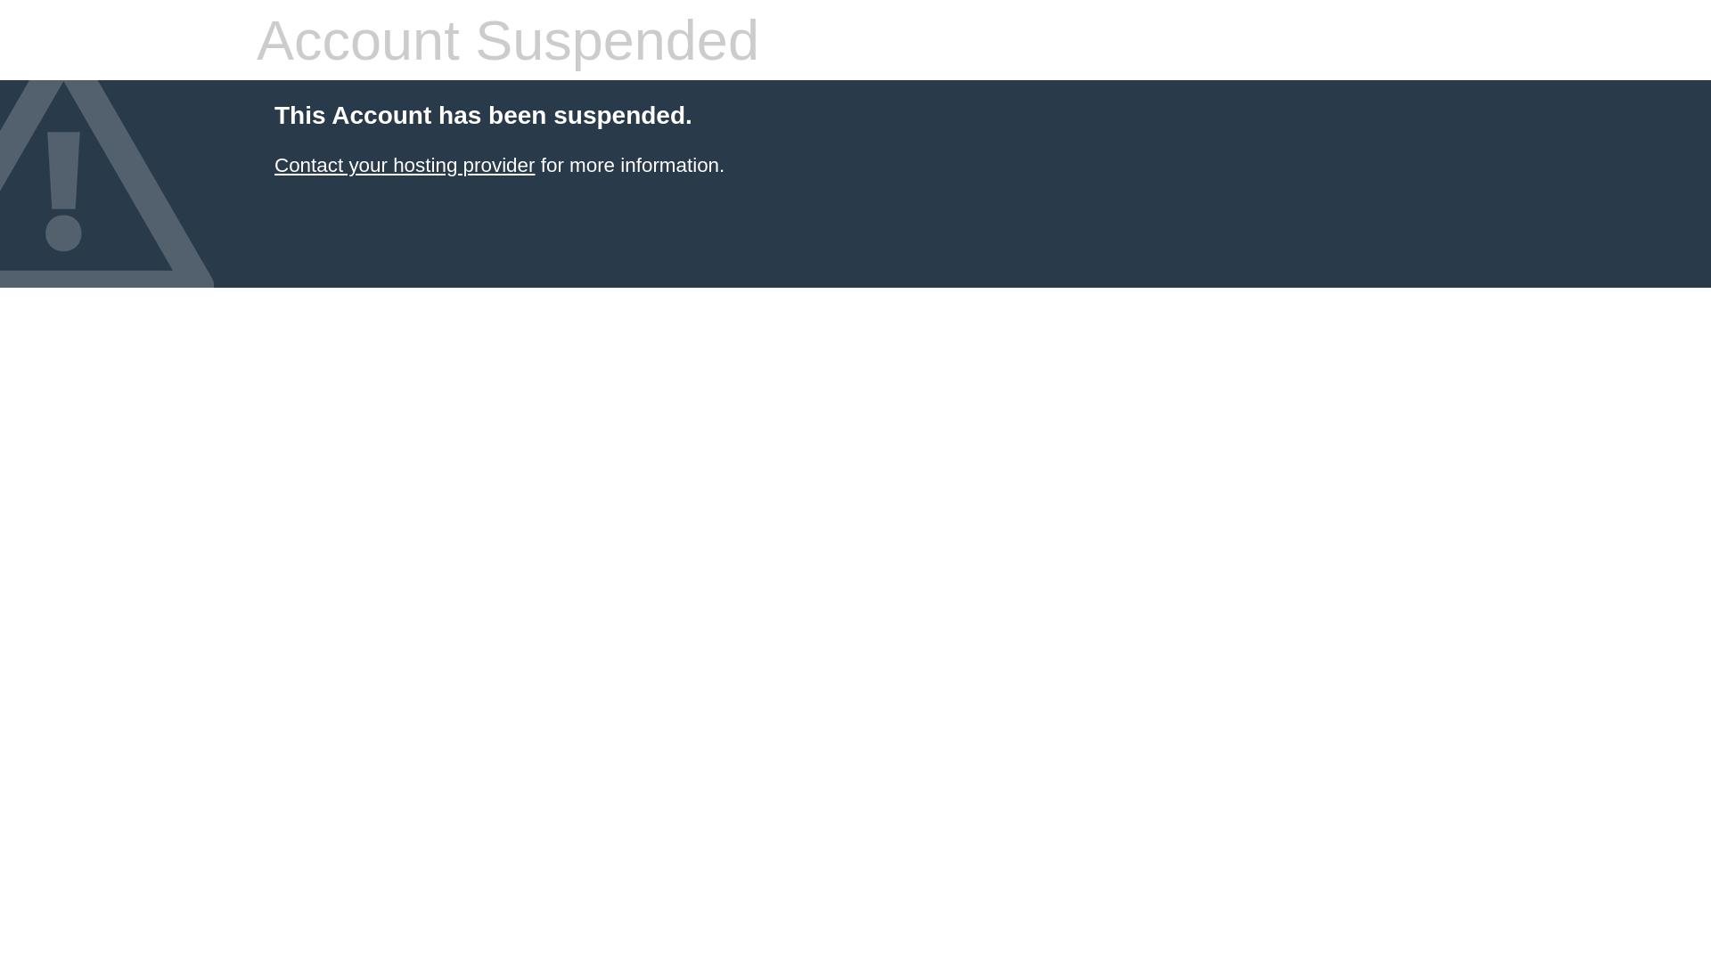 The image size is (1711, 962). Describe the element at coordinates (404, 165) in the screenshot. I see `'Contact your hosting provider'` at that location.